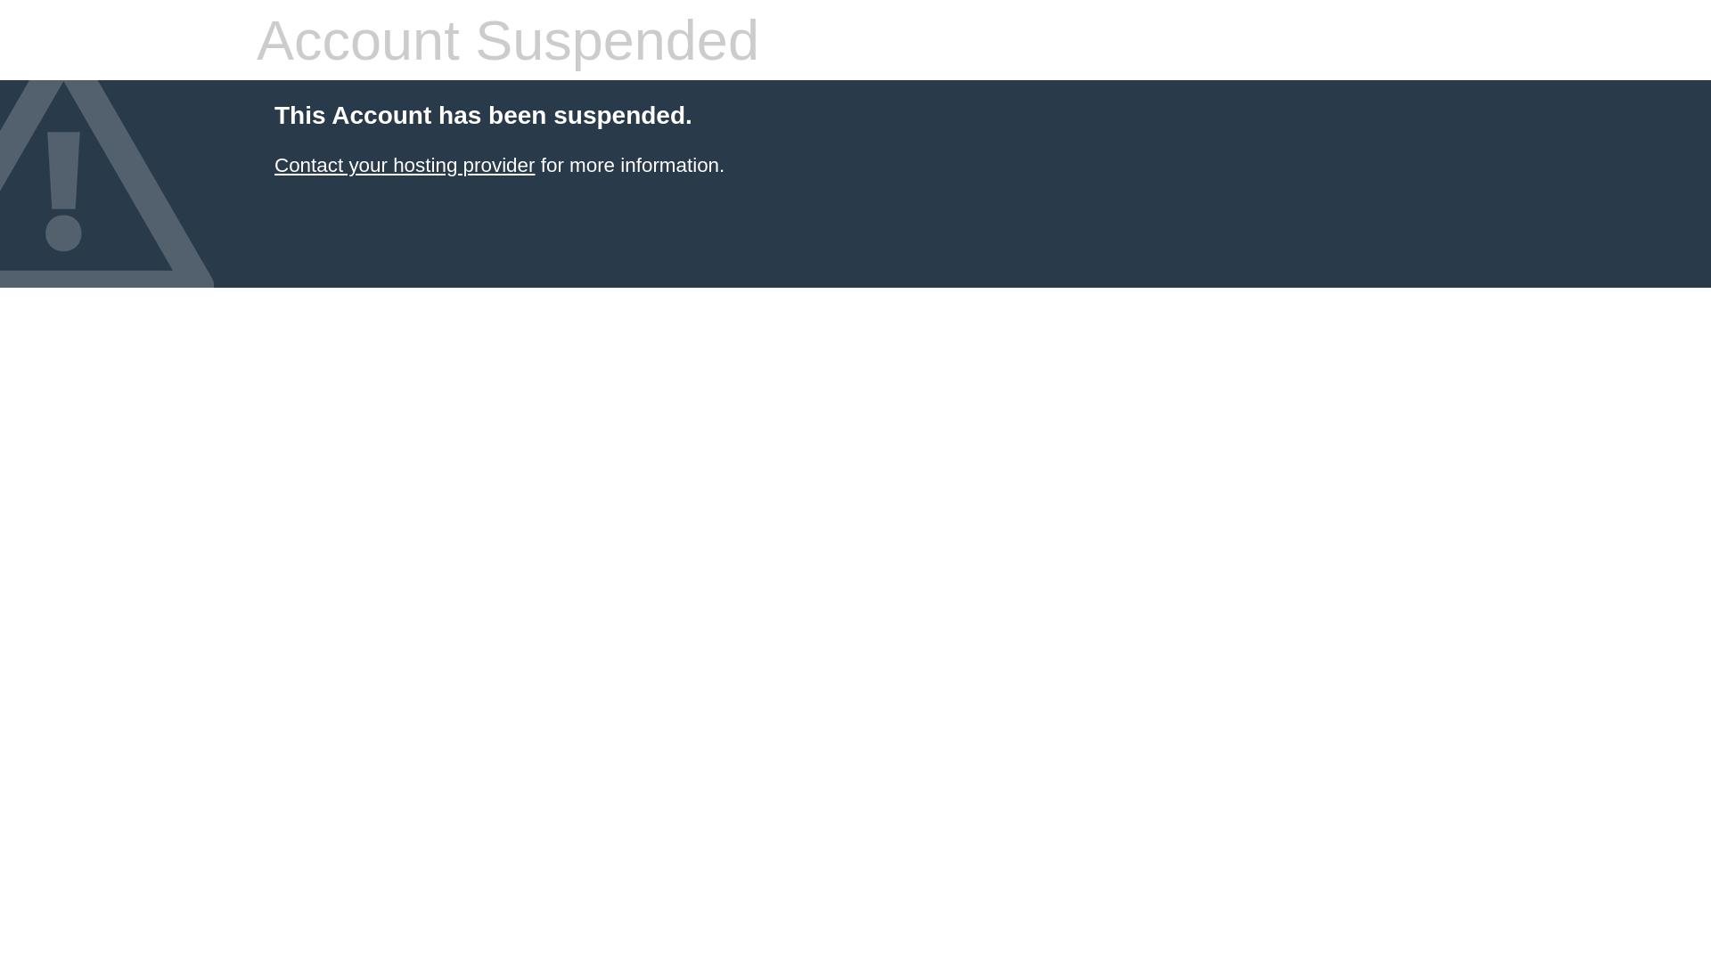 The image size is (1711, 962). Describe the element at coordinates (404, 165) in the screenshot. I see `'Contact your hosting provider'` at that location.